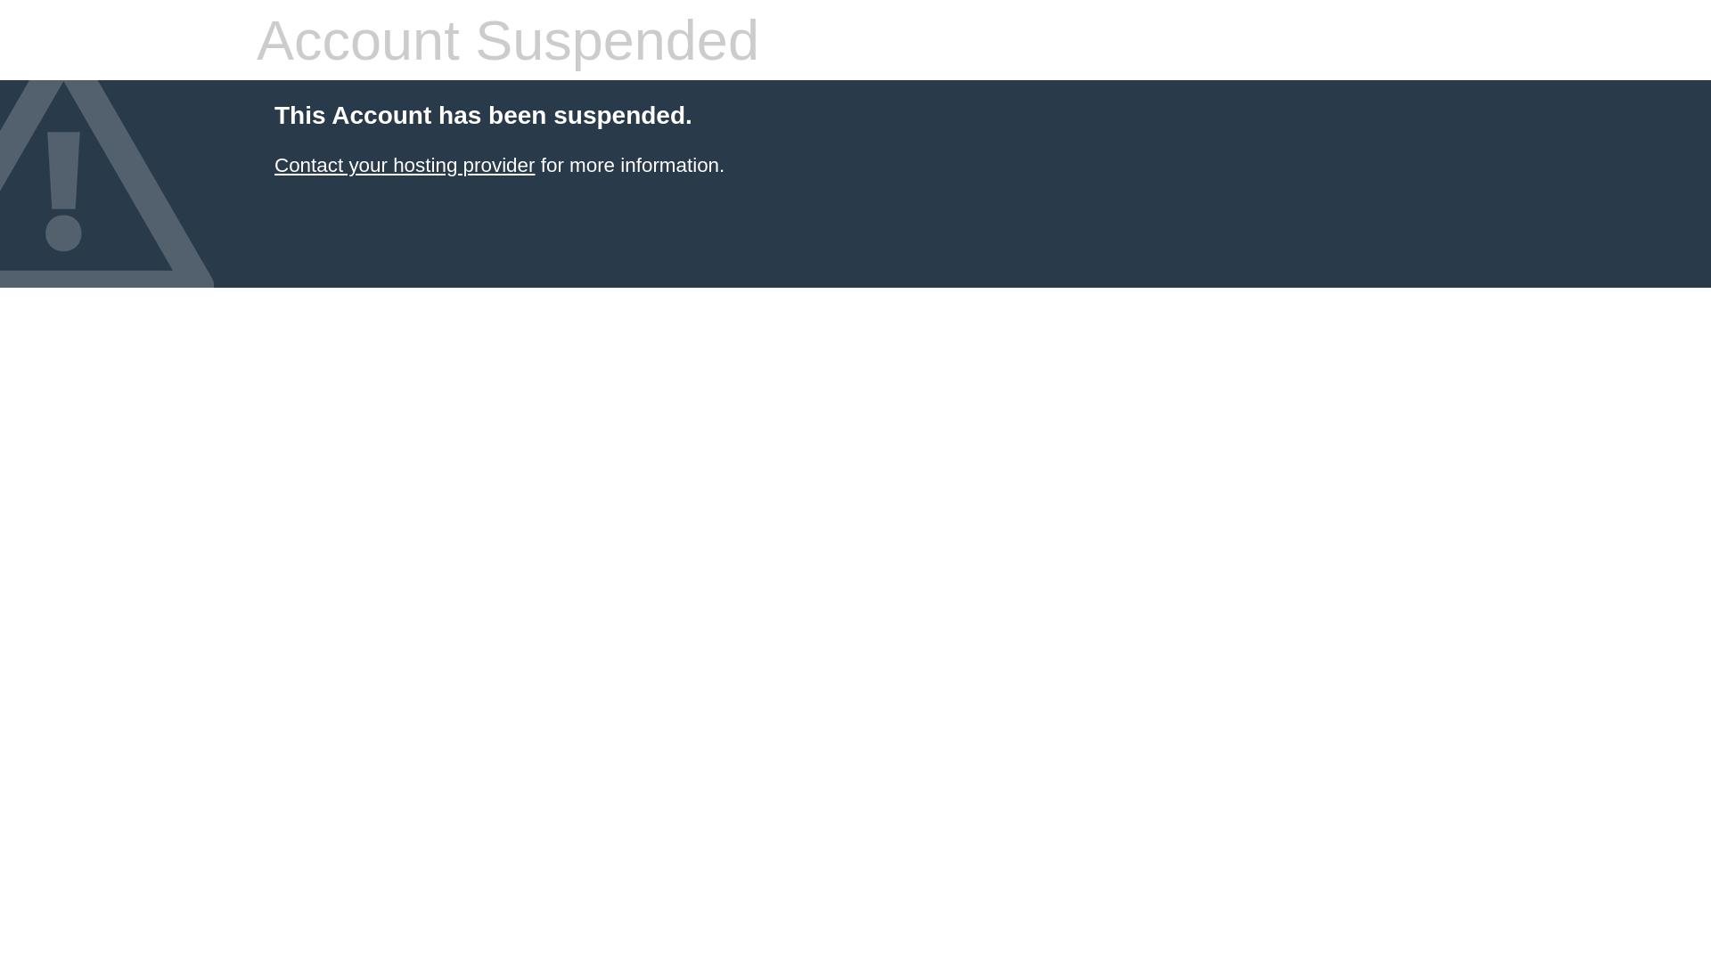 The image size is (1711, 962). Describe the element at coordinates (404, 165) in the screenshot. I see `'Contact your hosting provider'` at that location.